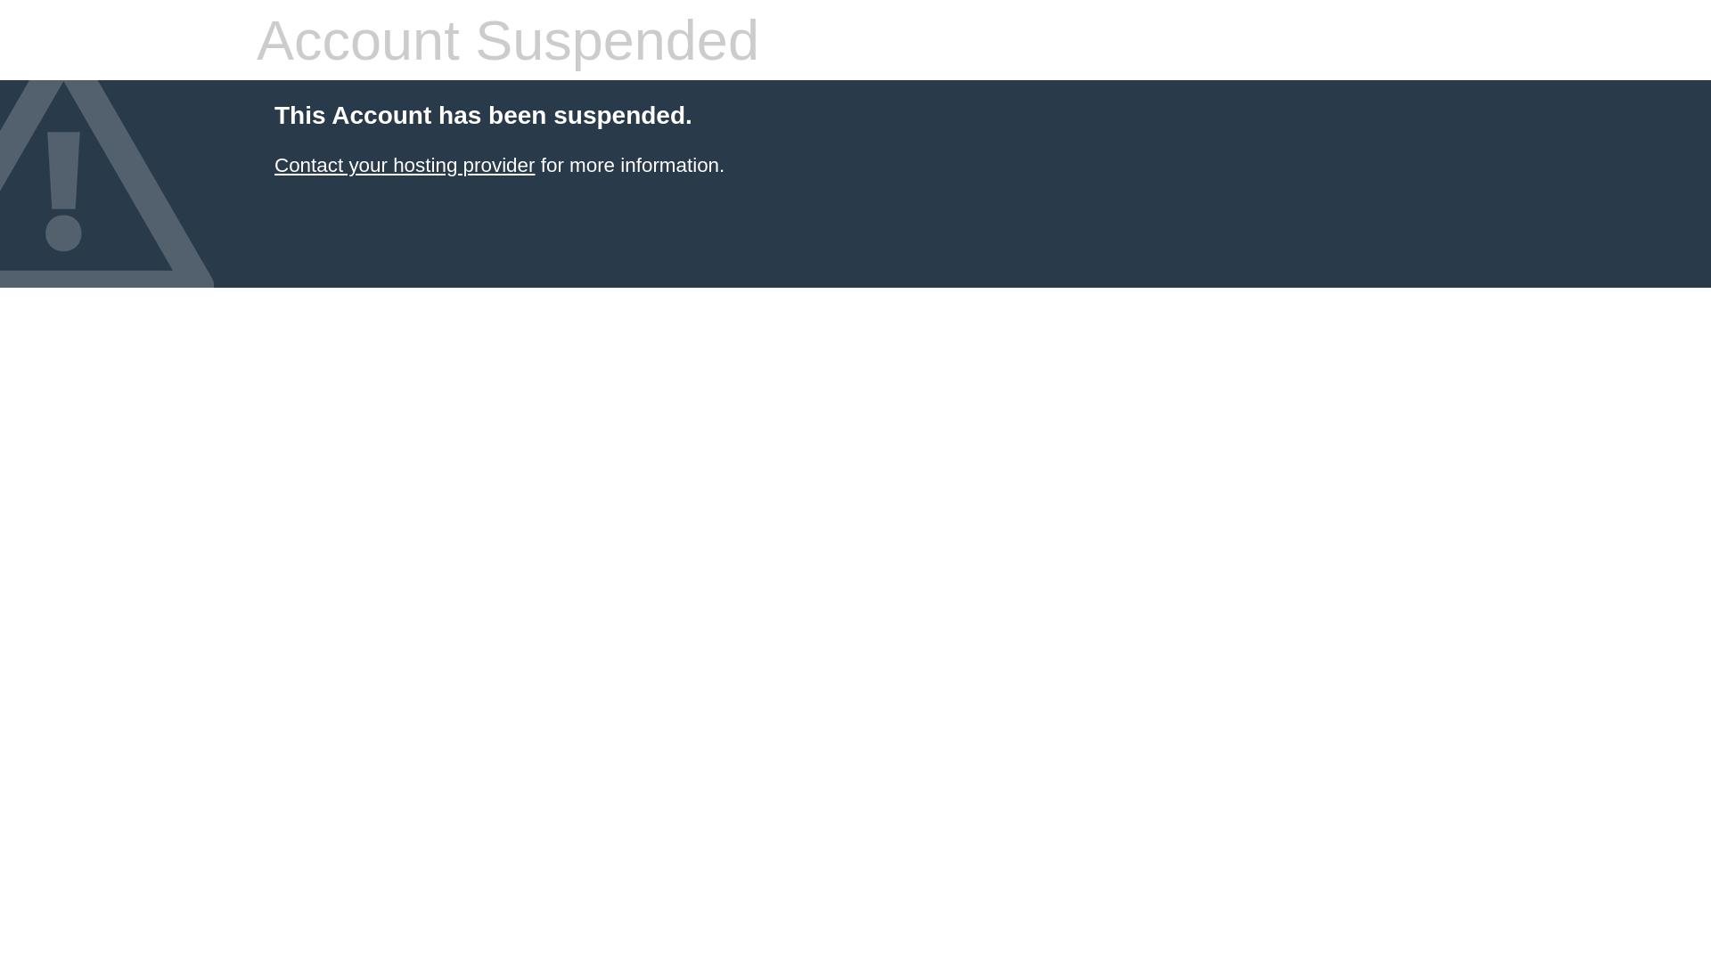 The image size is (1711, 962). Describe the element at coordinates (404, 165) in the screenshot. I see `'Contact your hosting provider'` at that location.